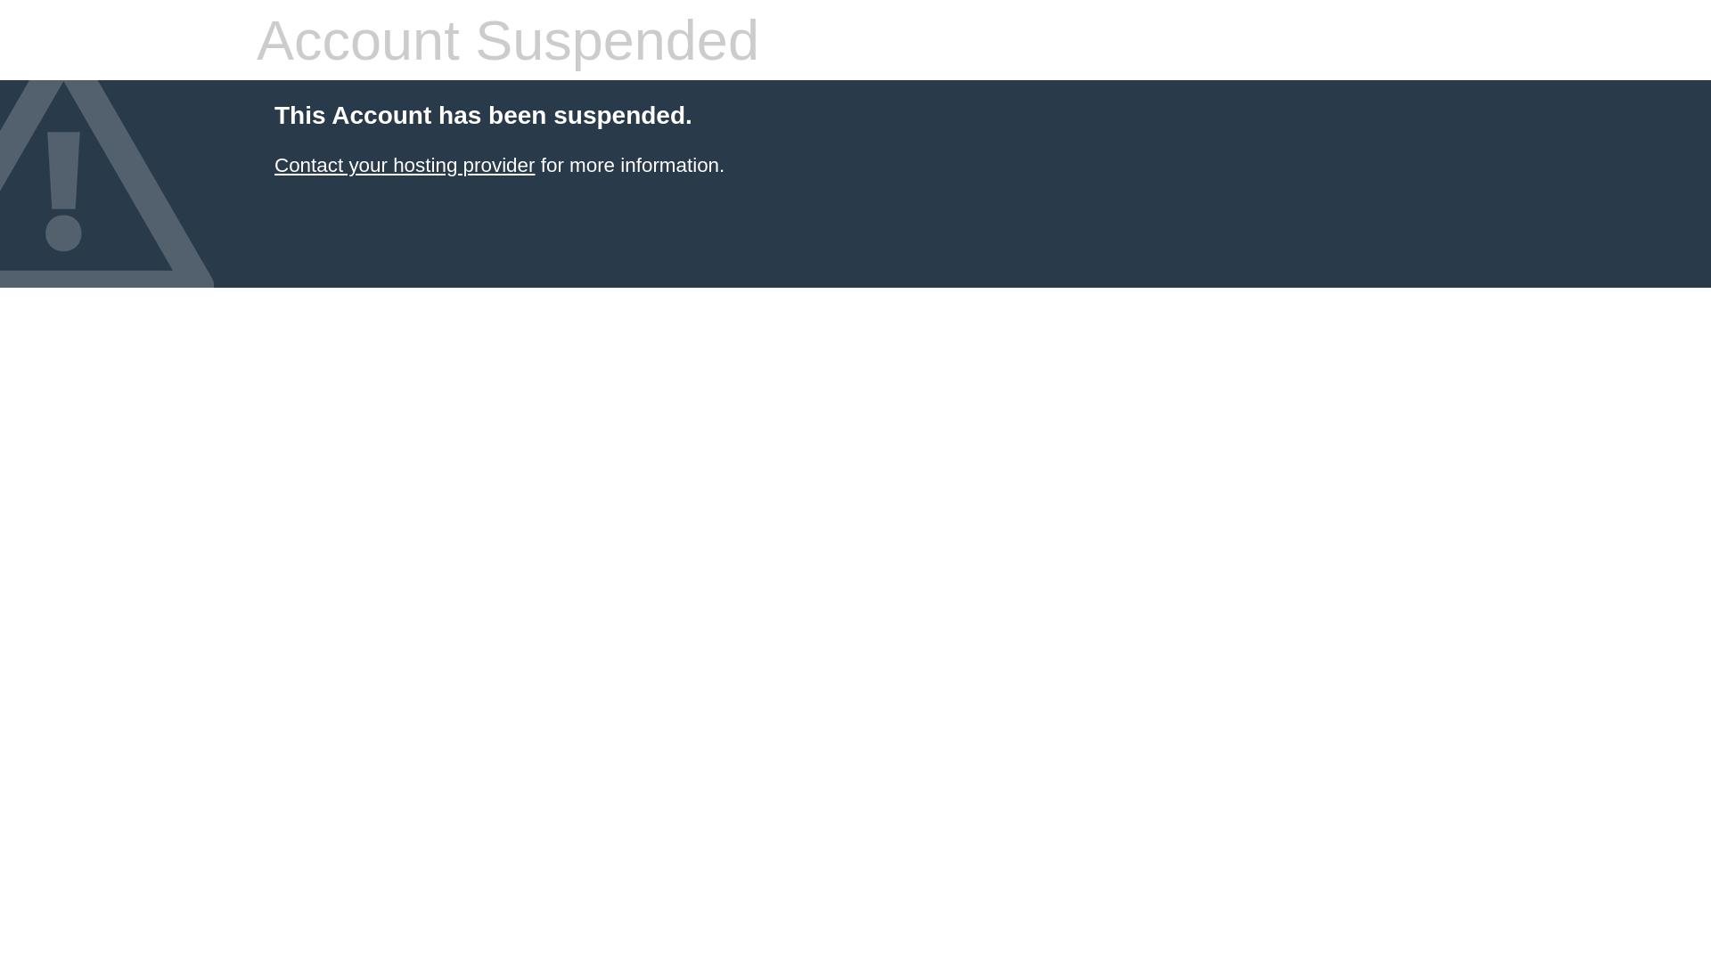 The image size is (1711, 962). Describe the element at coordinates (404, 165) in the screenshot. I see `'Contact your hosting provider'` at that location.